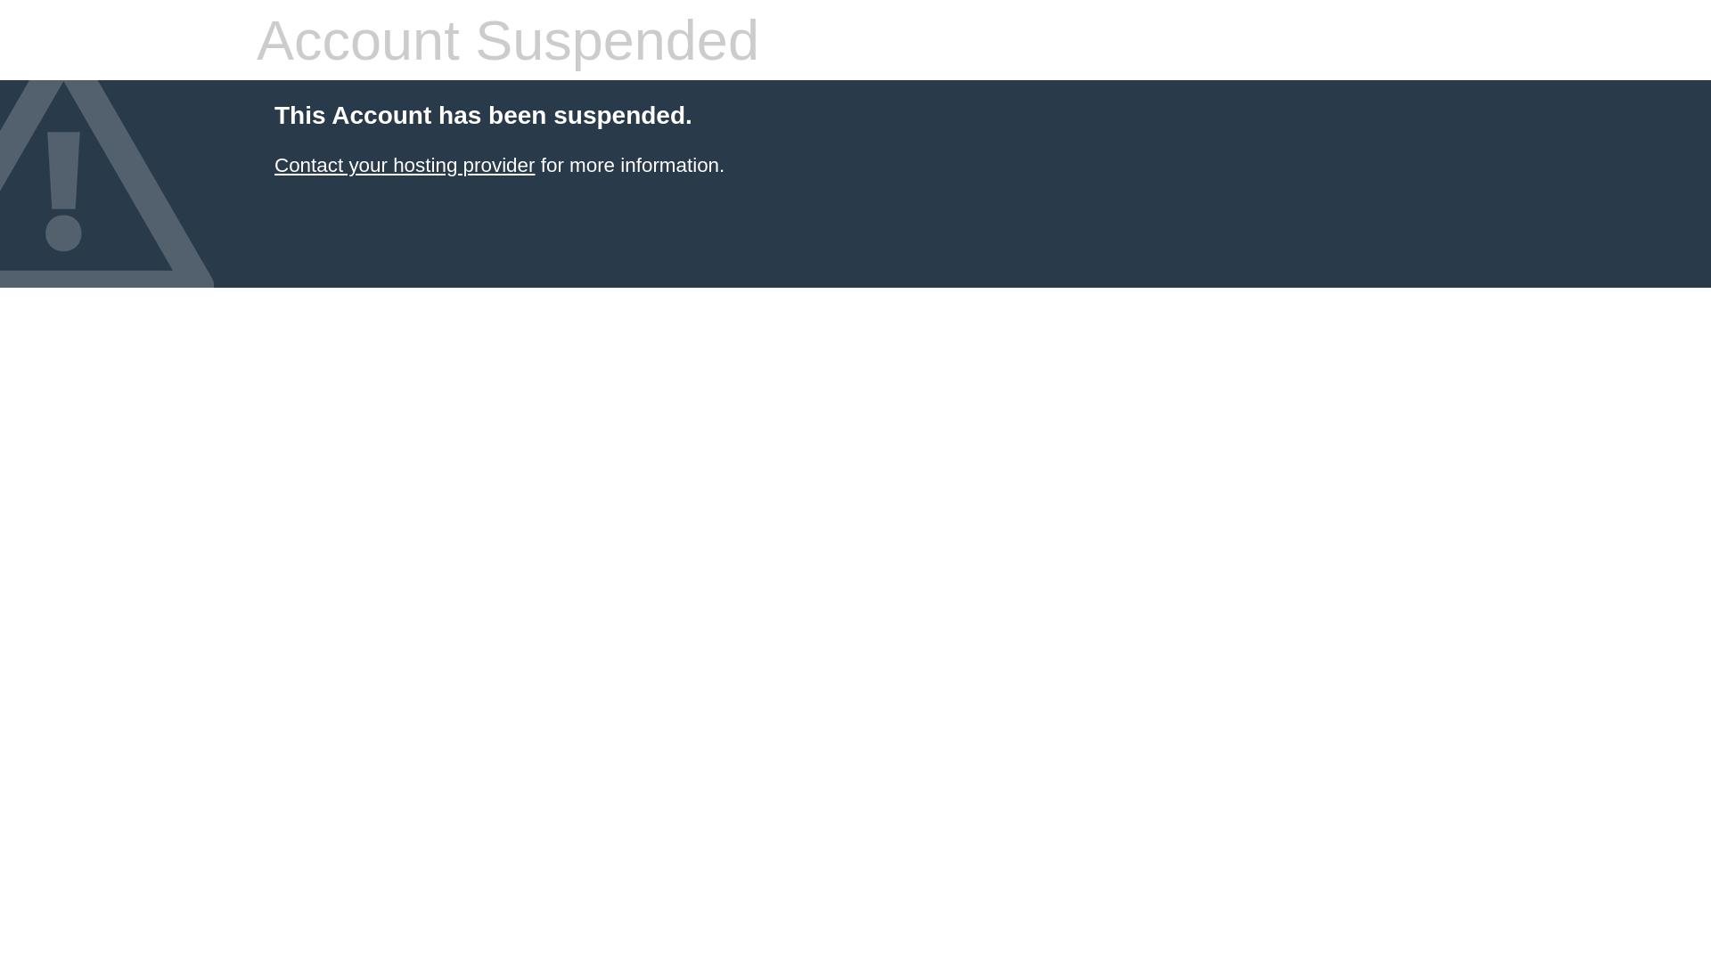 The image size is (1711, 962). Describe the element at coordinates (404, 165) in the screenshot. I see `'Contact your hosting provider'` at that location.